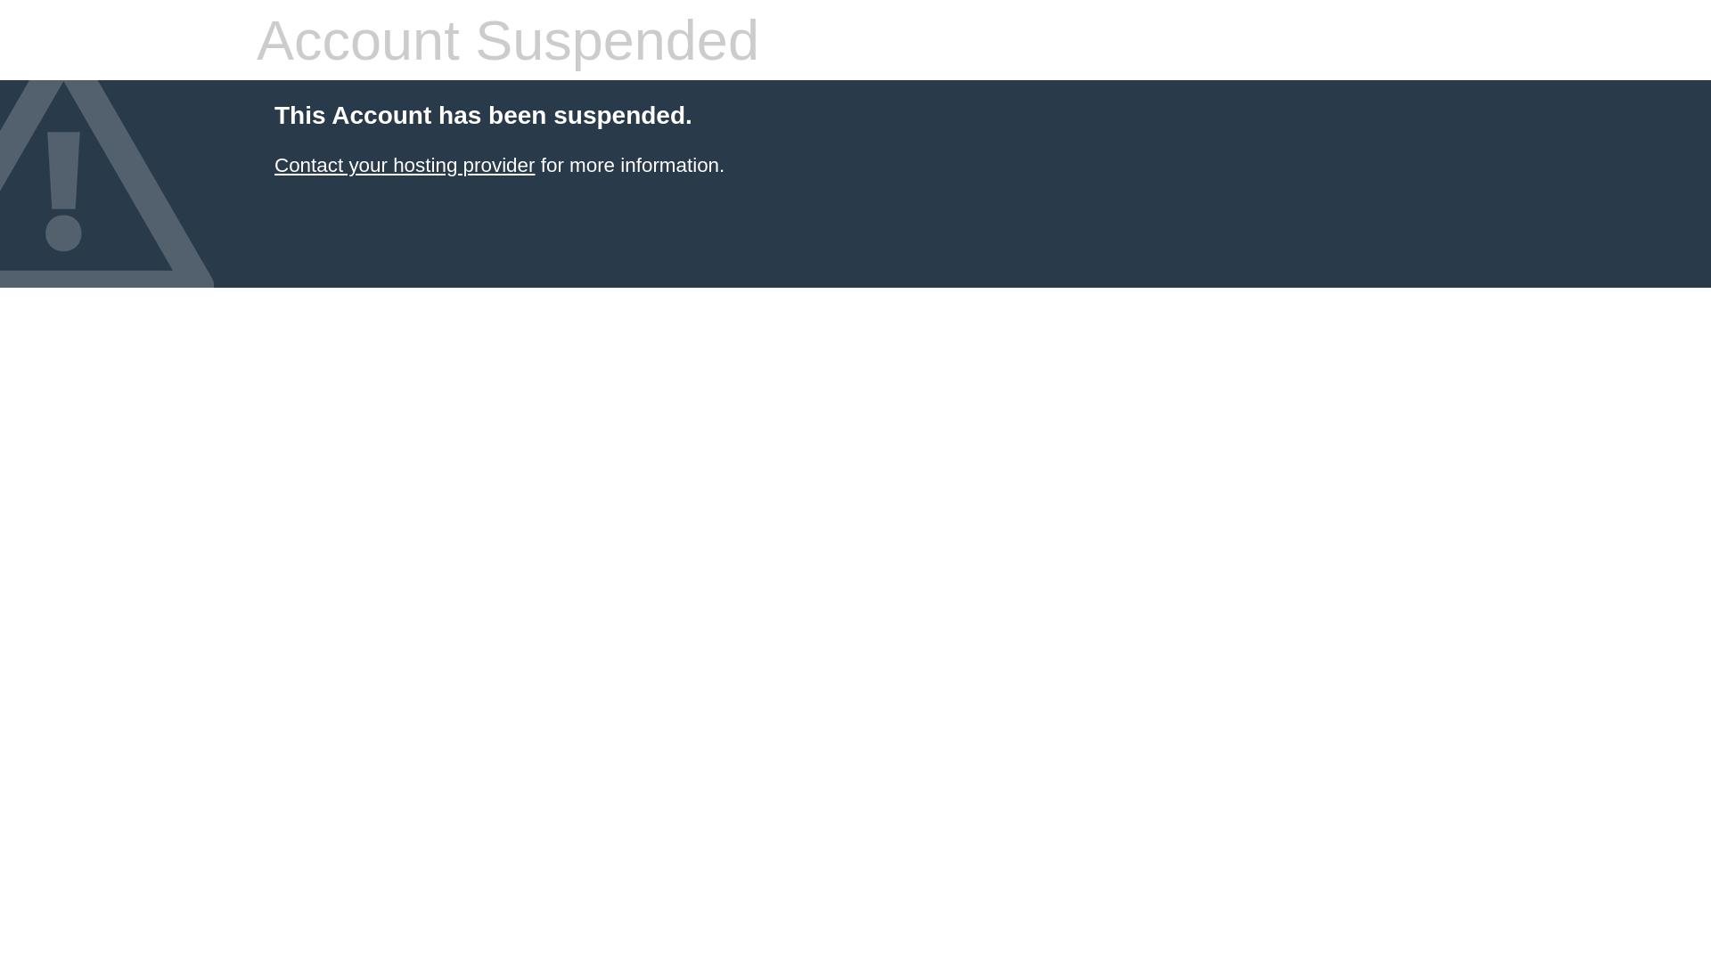 The image size is (1711, 962). Describe the element at coordinates (404, 165) in the screenshot. I see `'Contact your hosting provider'` at that location.